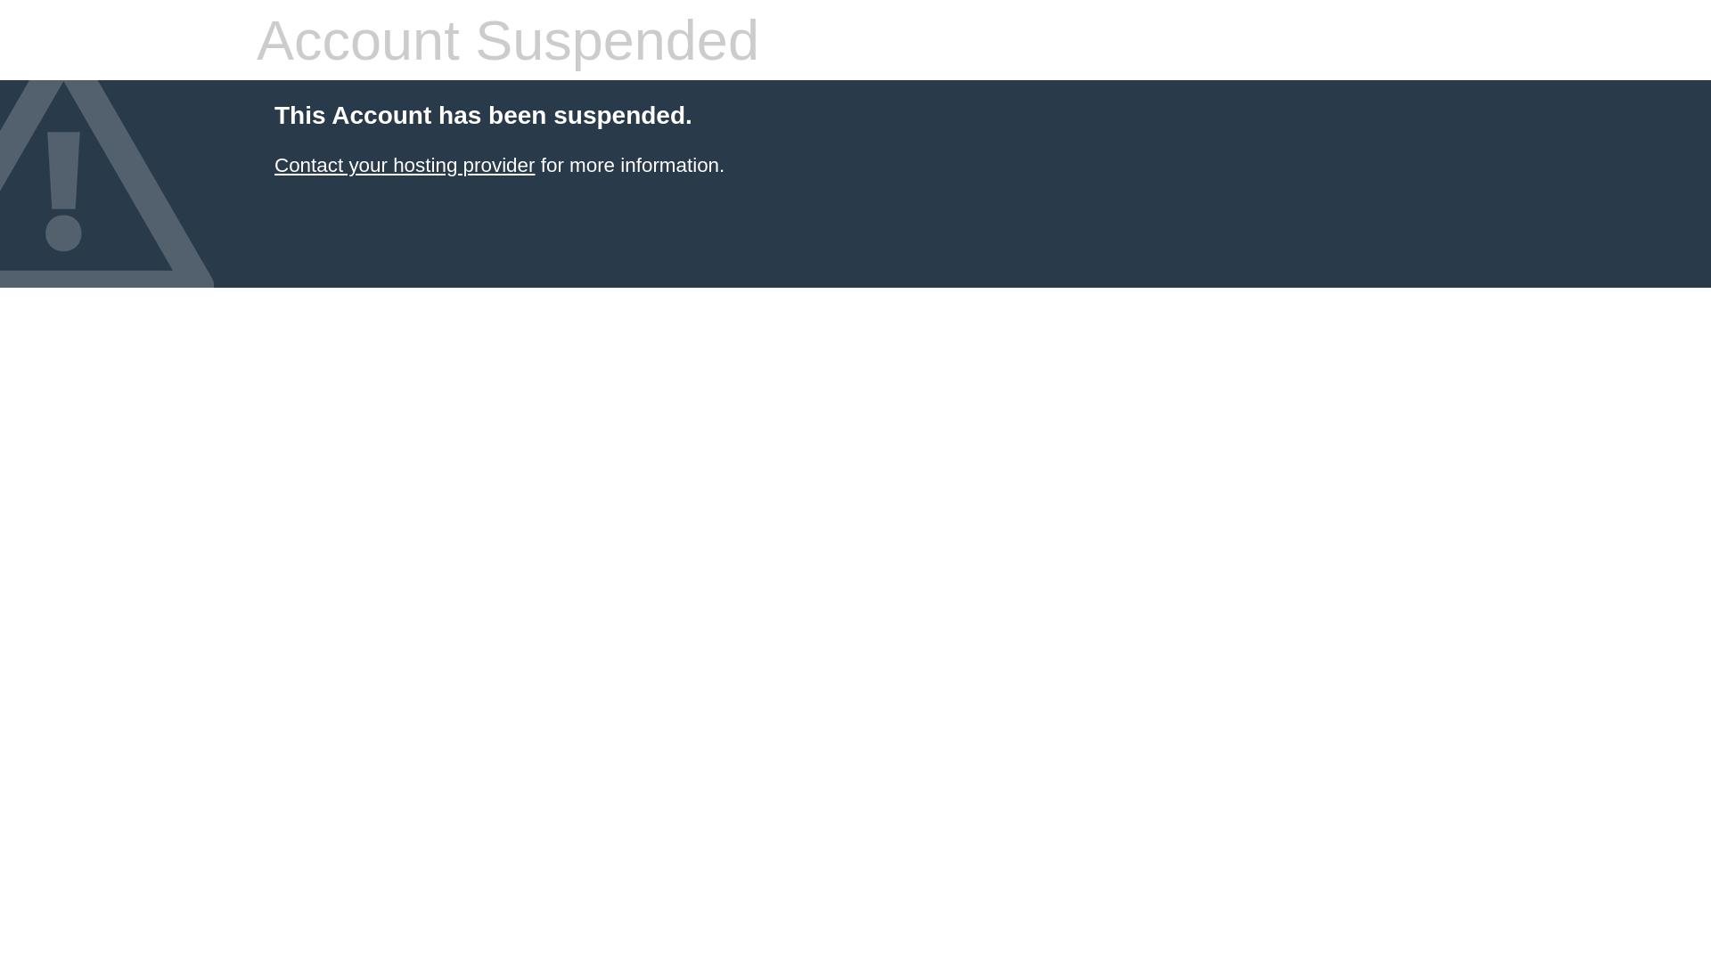 The image size is (1711, 962). Describe the element at coordinates (404, 165) in the screenshot. I see `'Contact your hosting provider'` at that location.